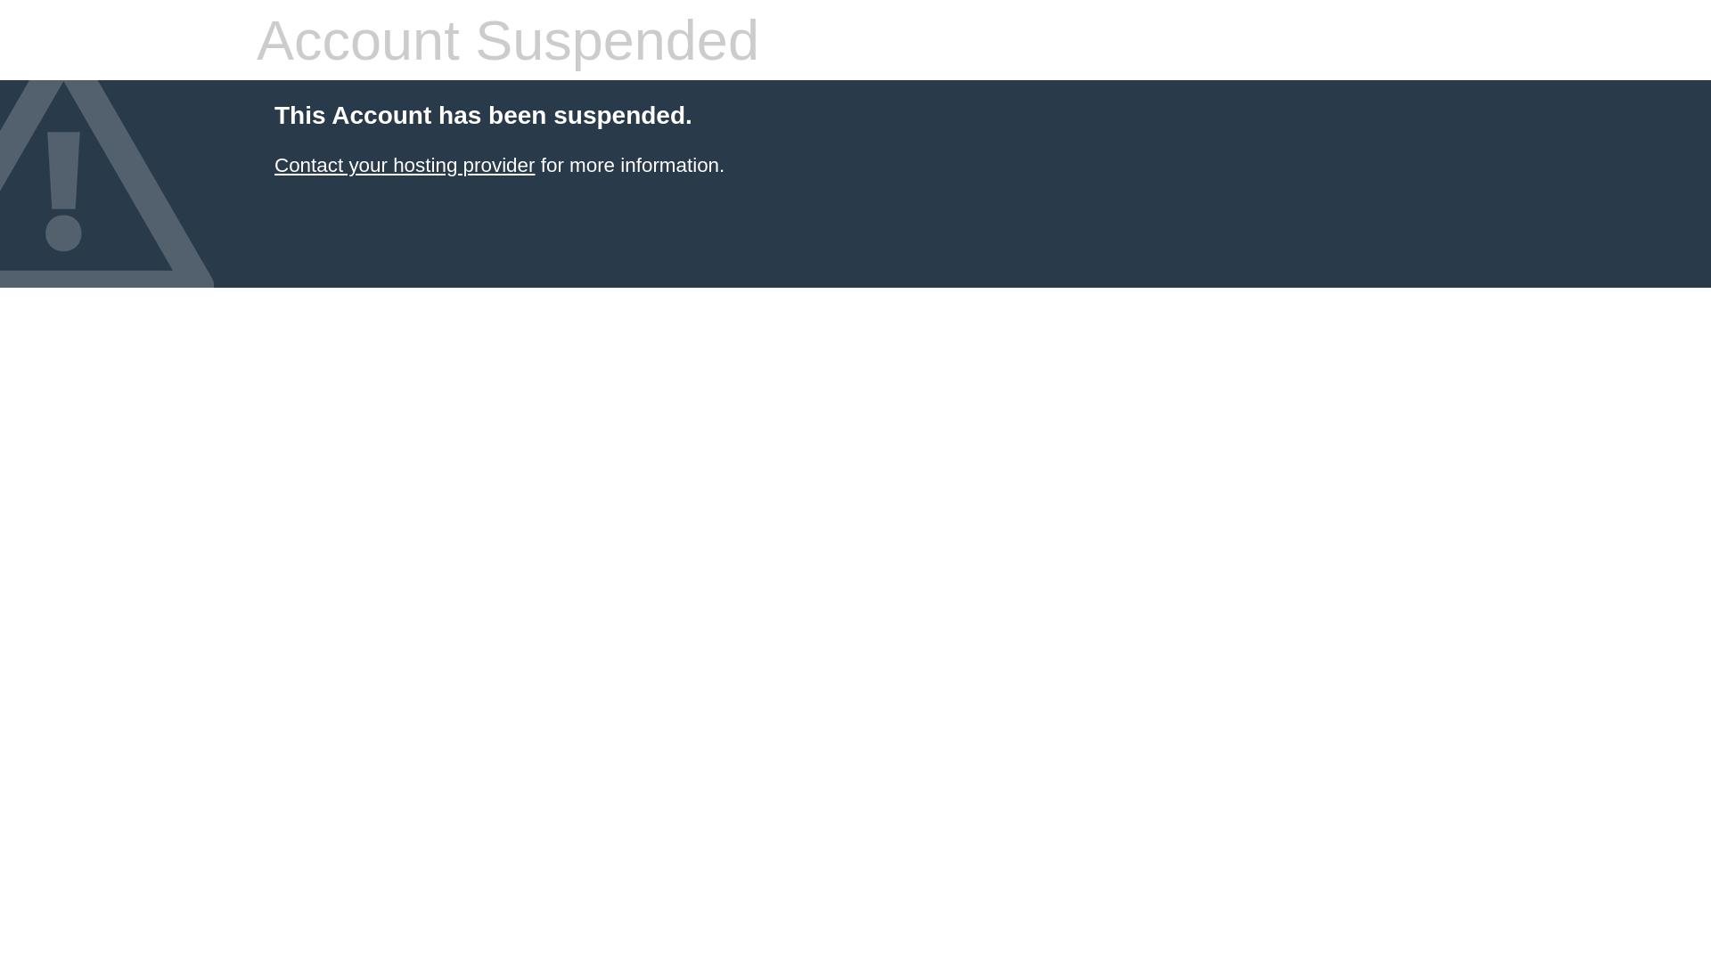 The image size is (1711, 962). Describe the element at coordinates (404, 165) in the screenshot. I see `'Contact your hosting provider'` at that location.